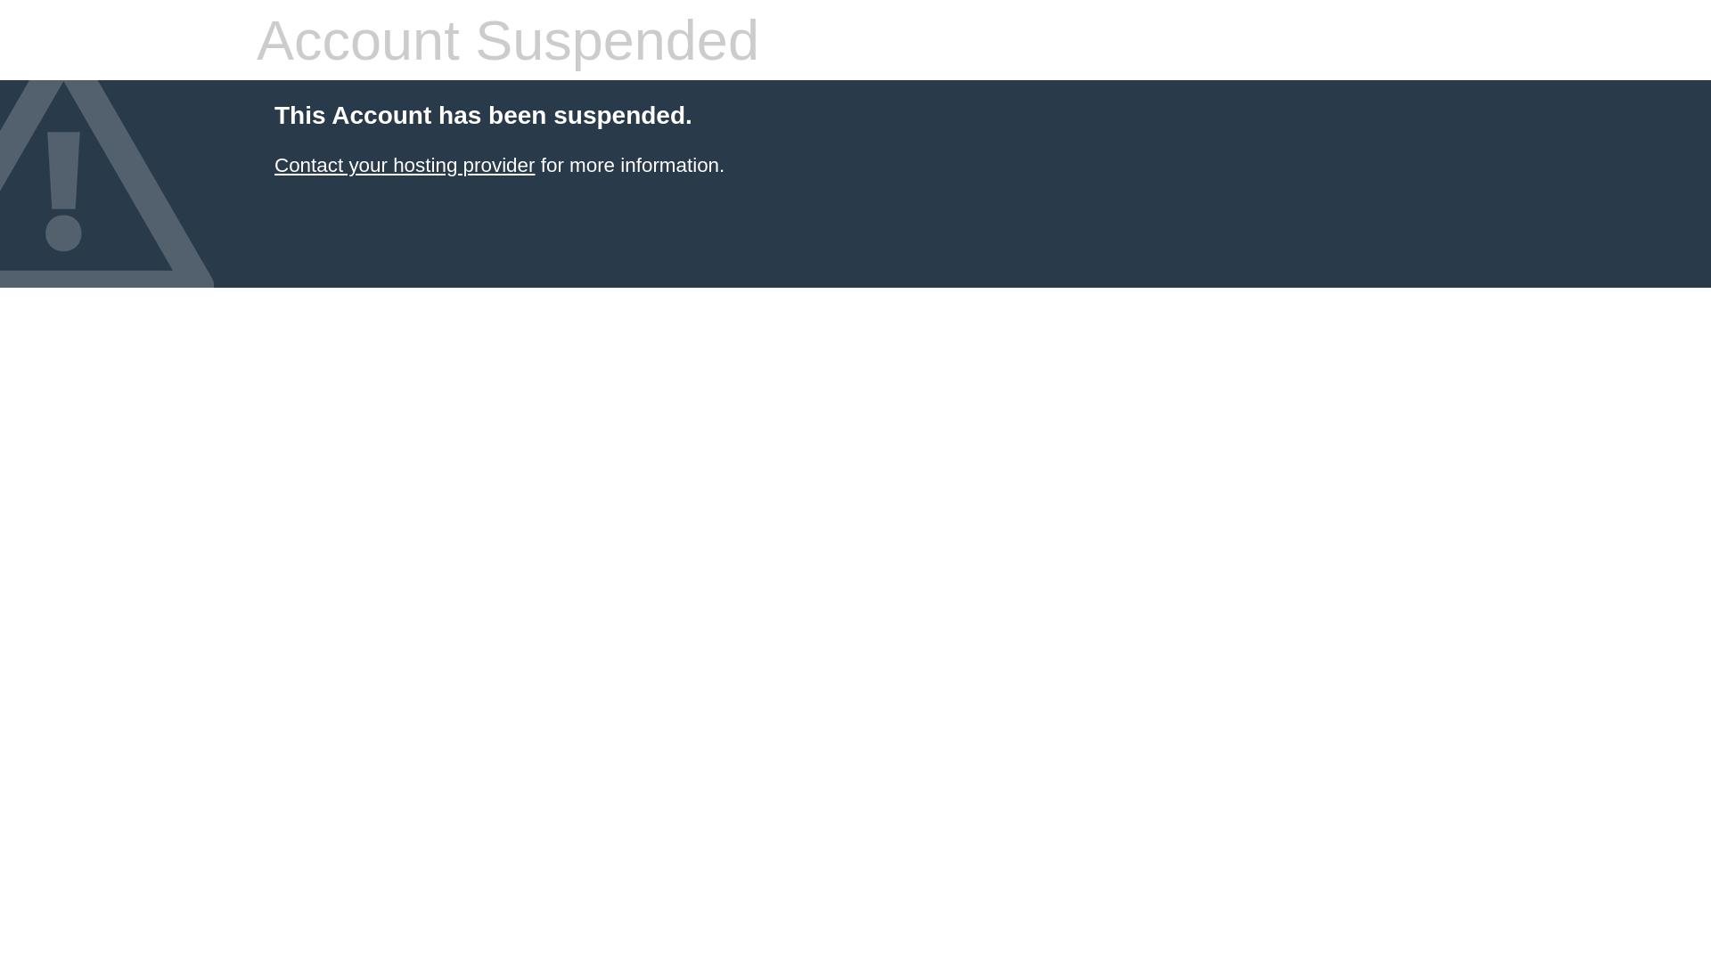 The image size is (1711, 962). Describe the element at coordinates (404, 165) in the screenshot. I see `'Contact your hosting provider'` at that location.